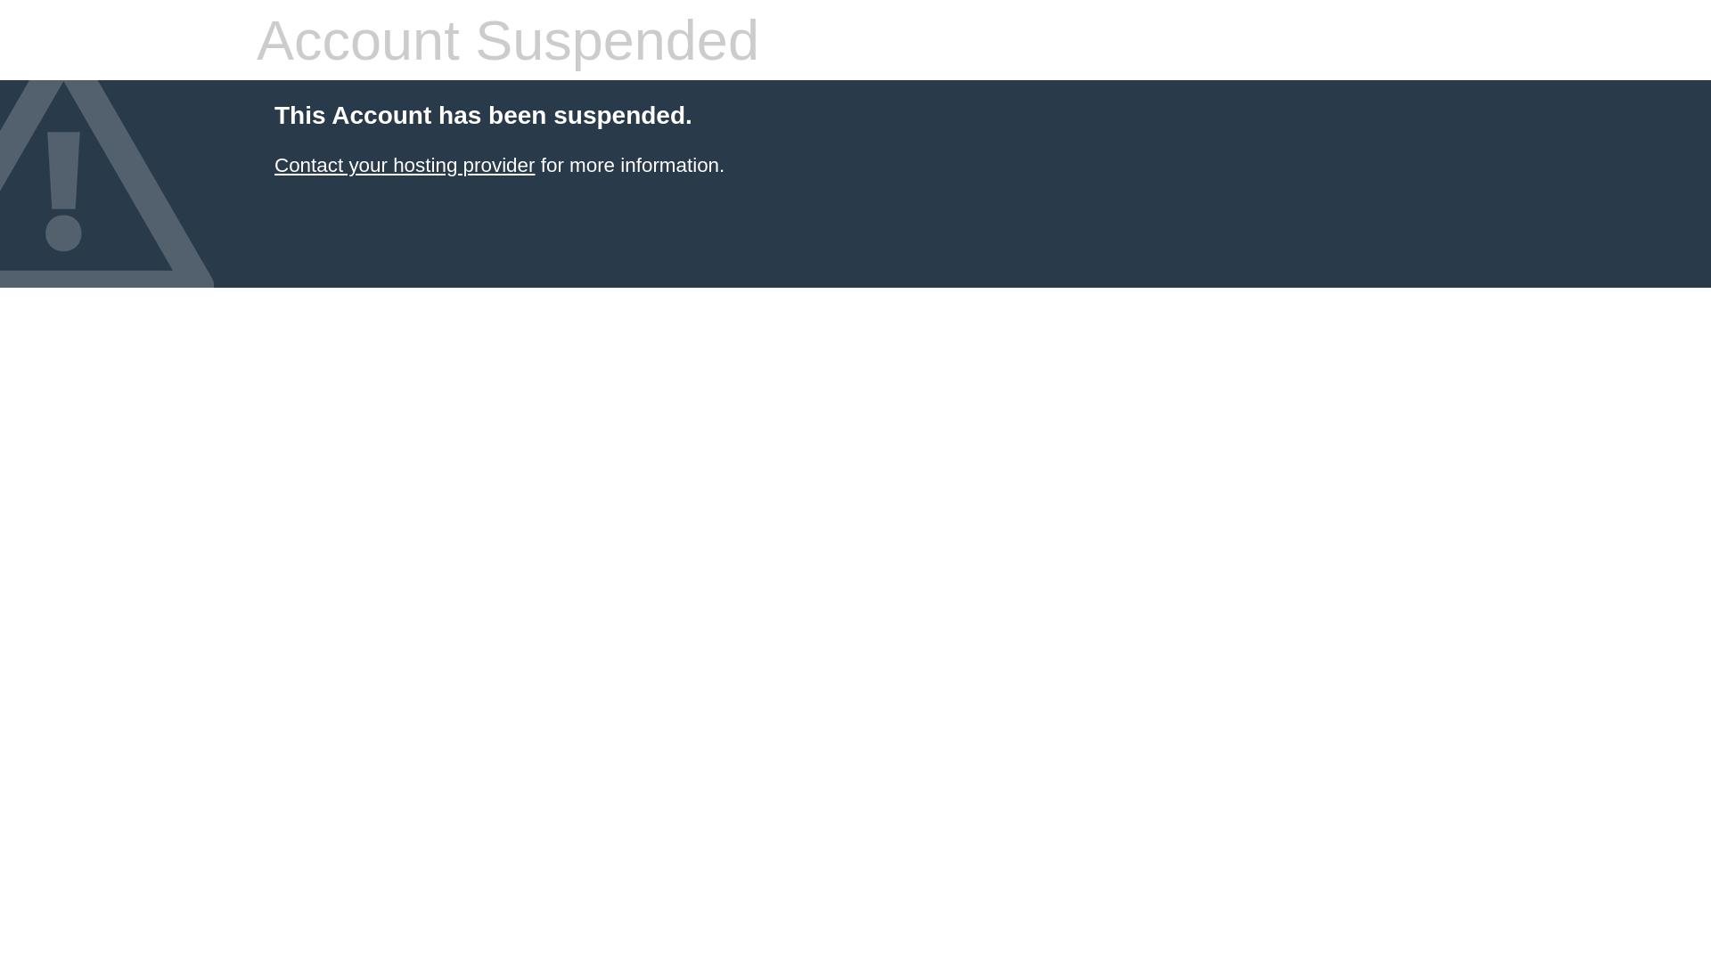 The image size is (1711, 962). Describe the element at coordinates (404, 165) in the screenshot. I see `'Contact your hosting provider'` at that location.